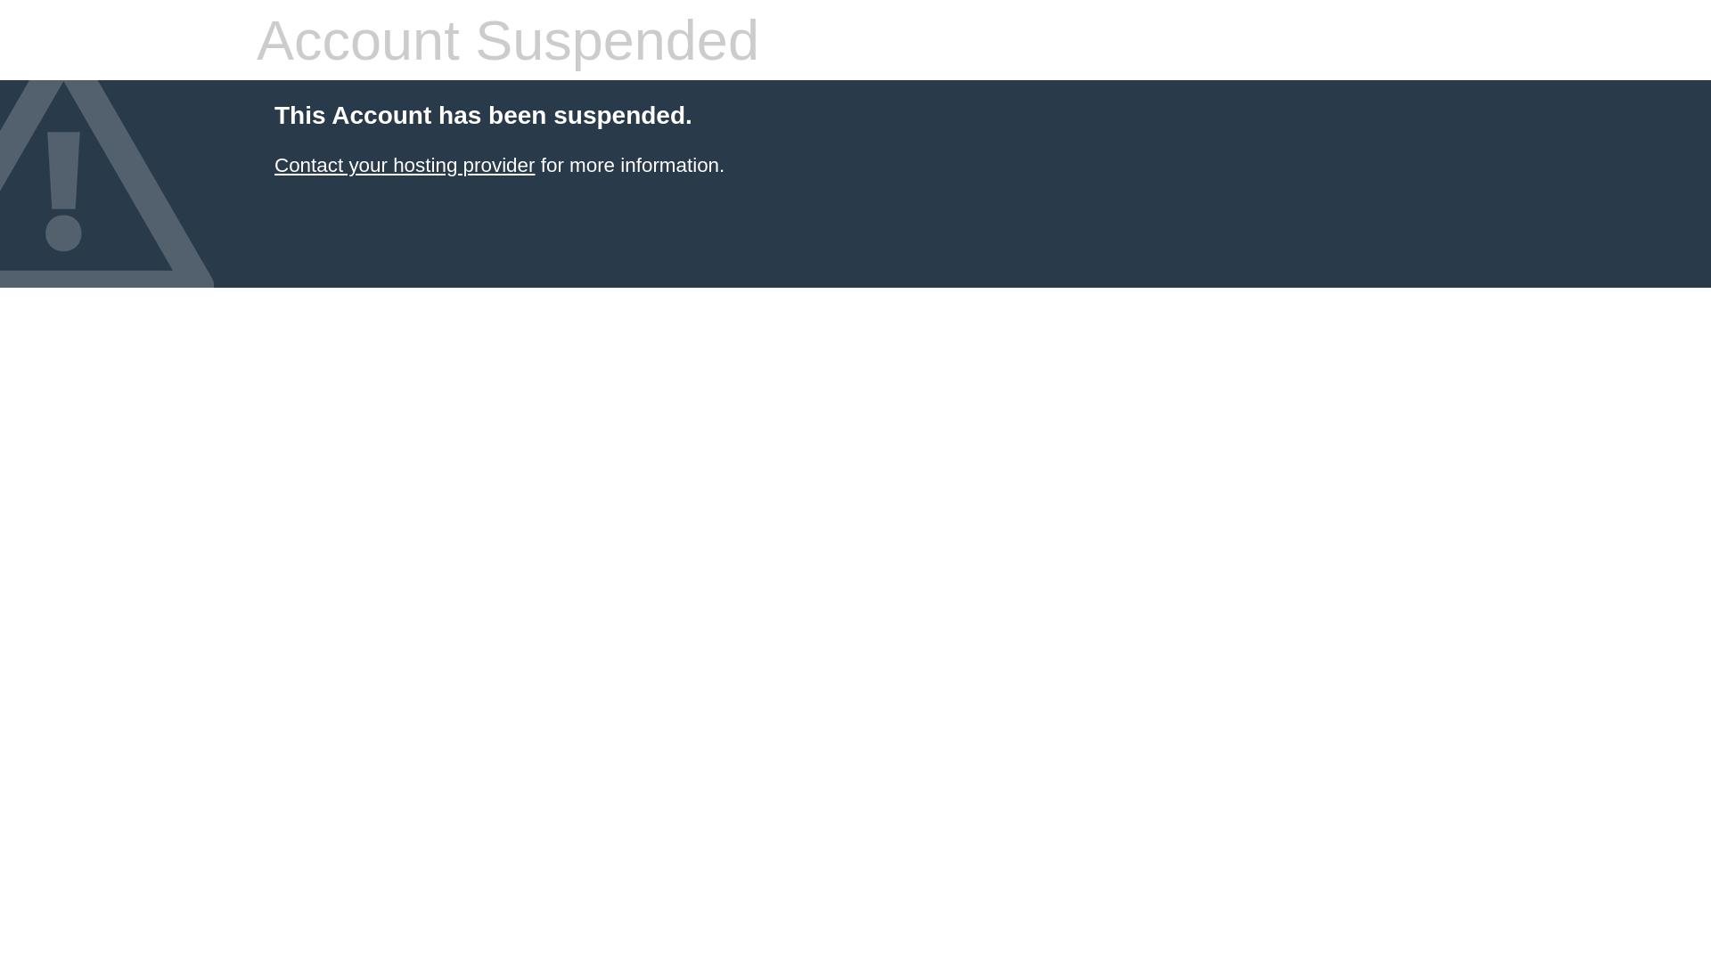 The image size is (1711, 962). Describe the element at coordinates (404, 165) in the screenshot. I see `'Contact your hosting provider'` at that location.